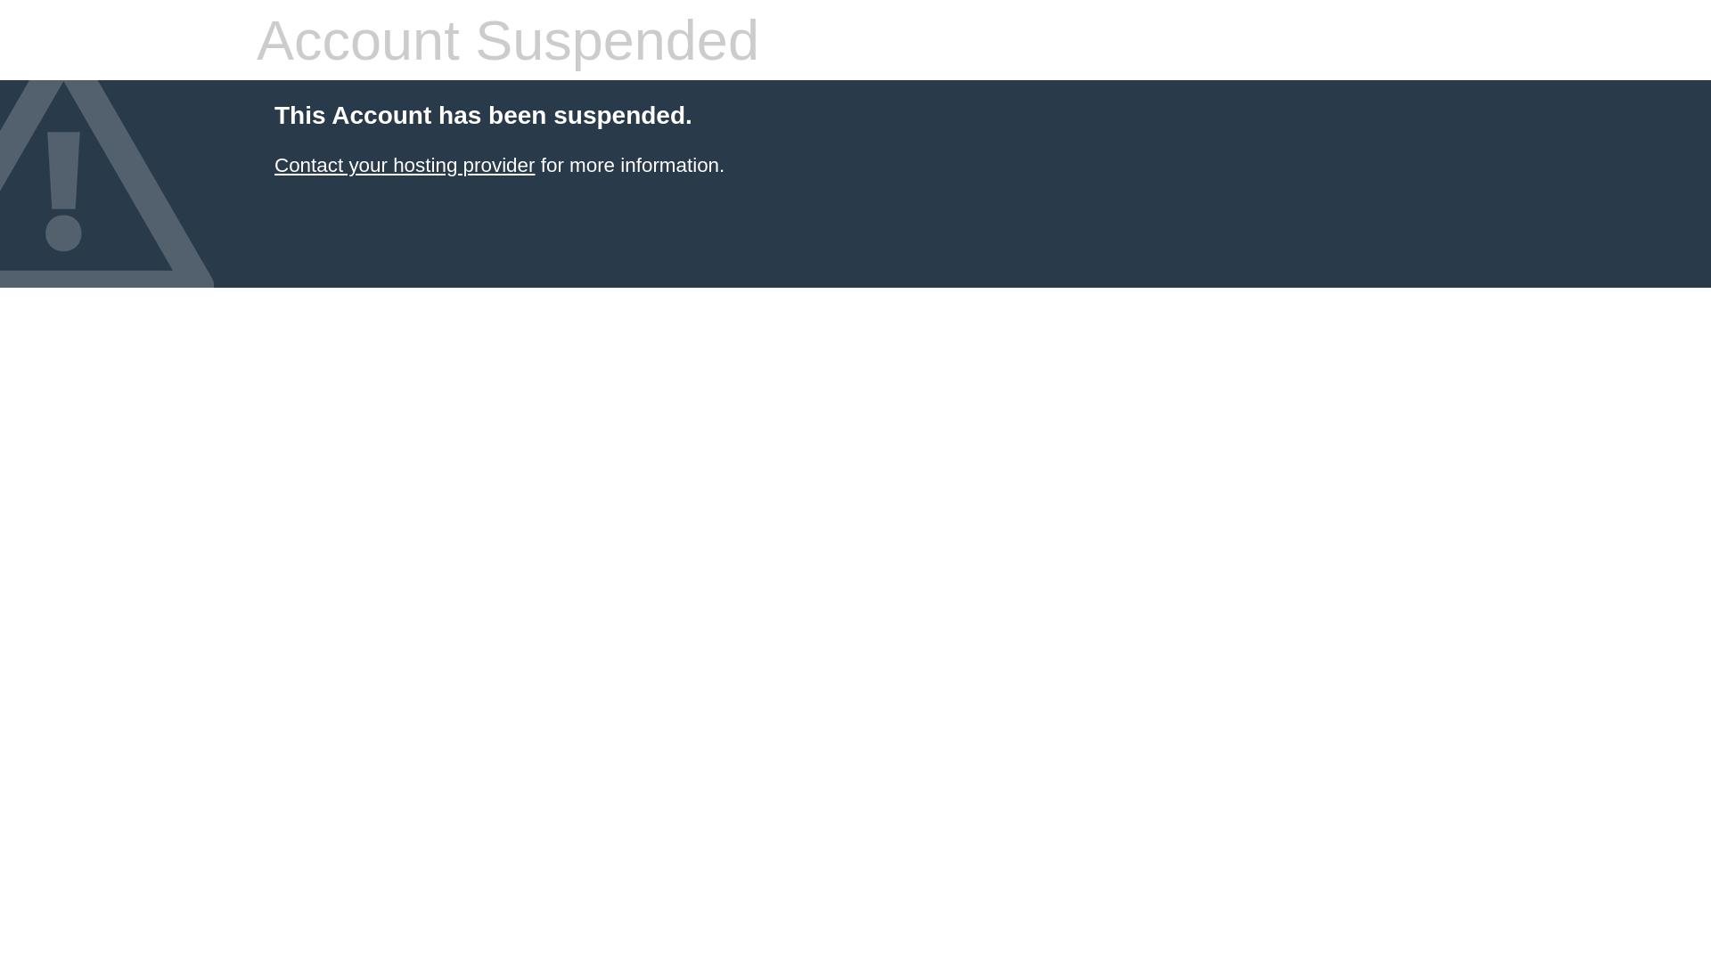 The image size is (1711, 962). Describe the element at coordinates (404, 165) in the screenshot. I see `'Contact your hosting provider'` at that location.